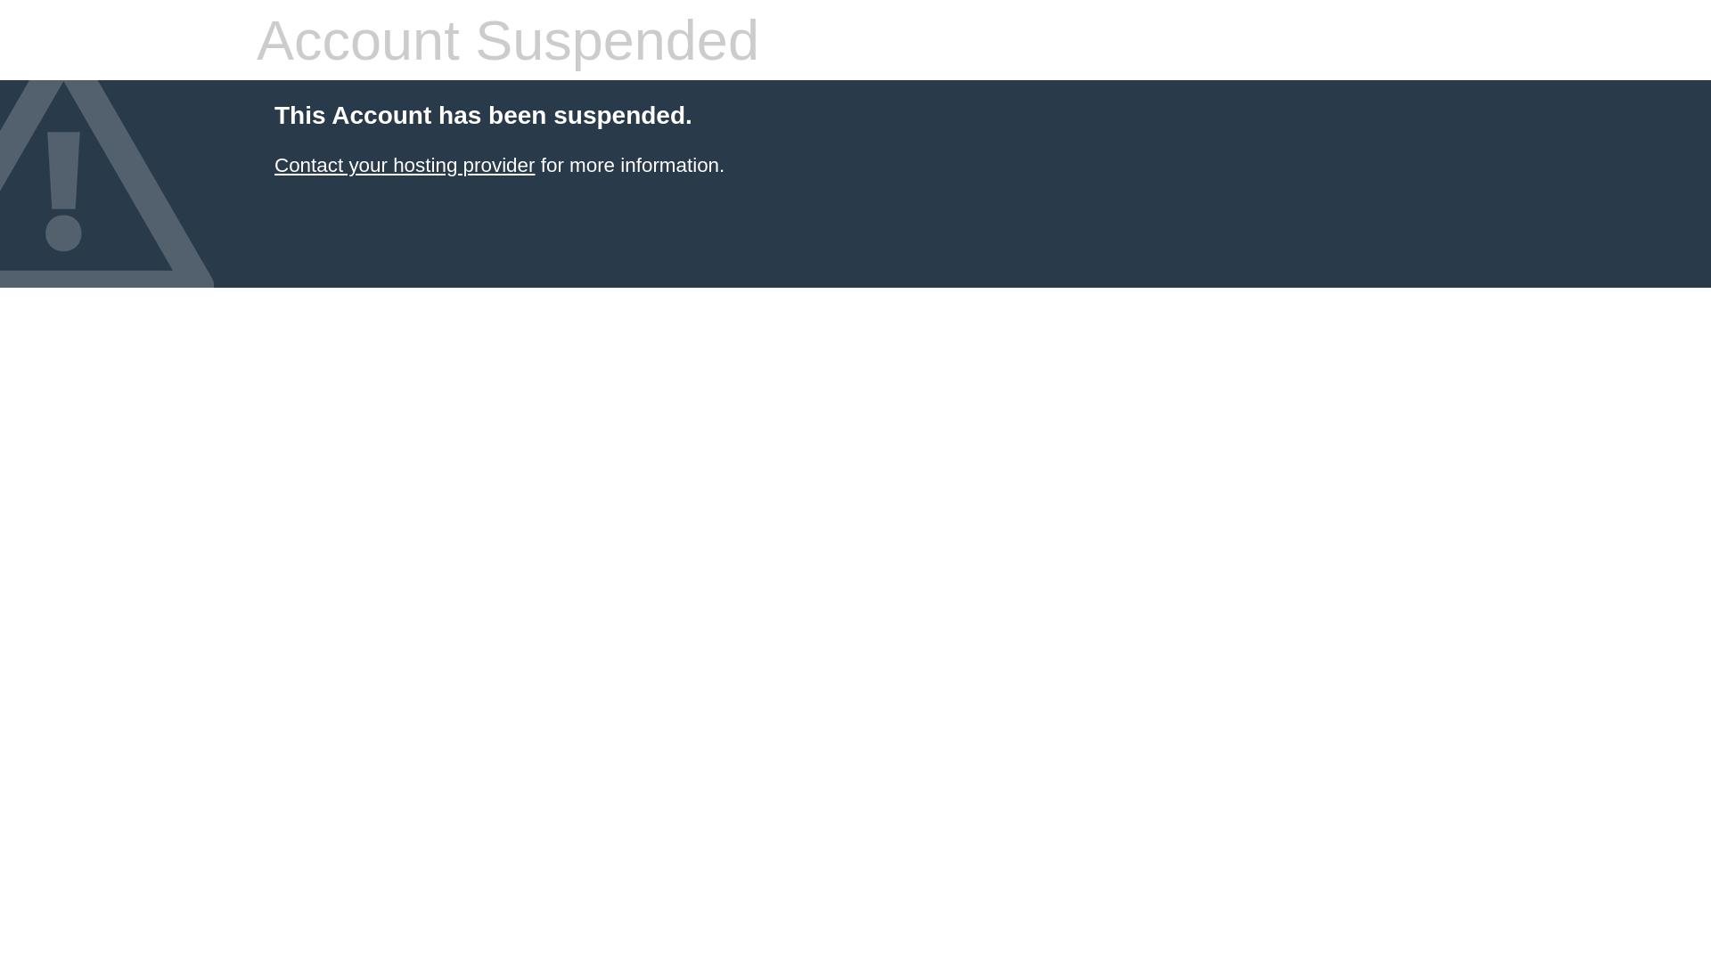 The image size is (1711, 962). Describe the element at coordinates (404, 165) in the screenshot. I see `'Contact your hosting provider'` at that location.